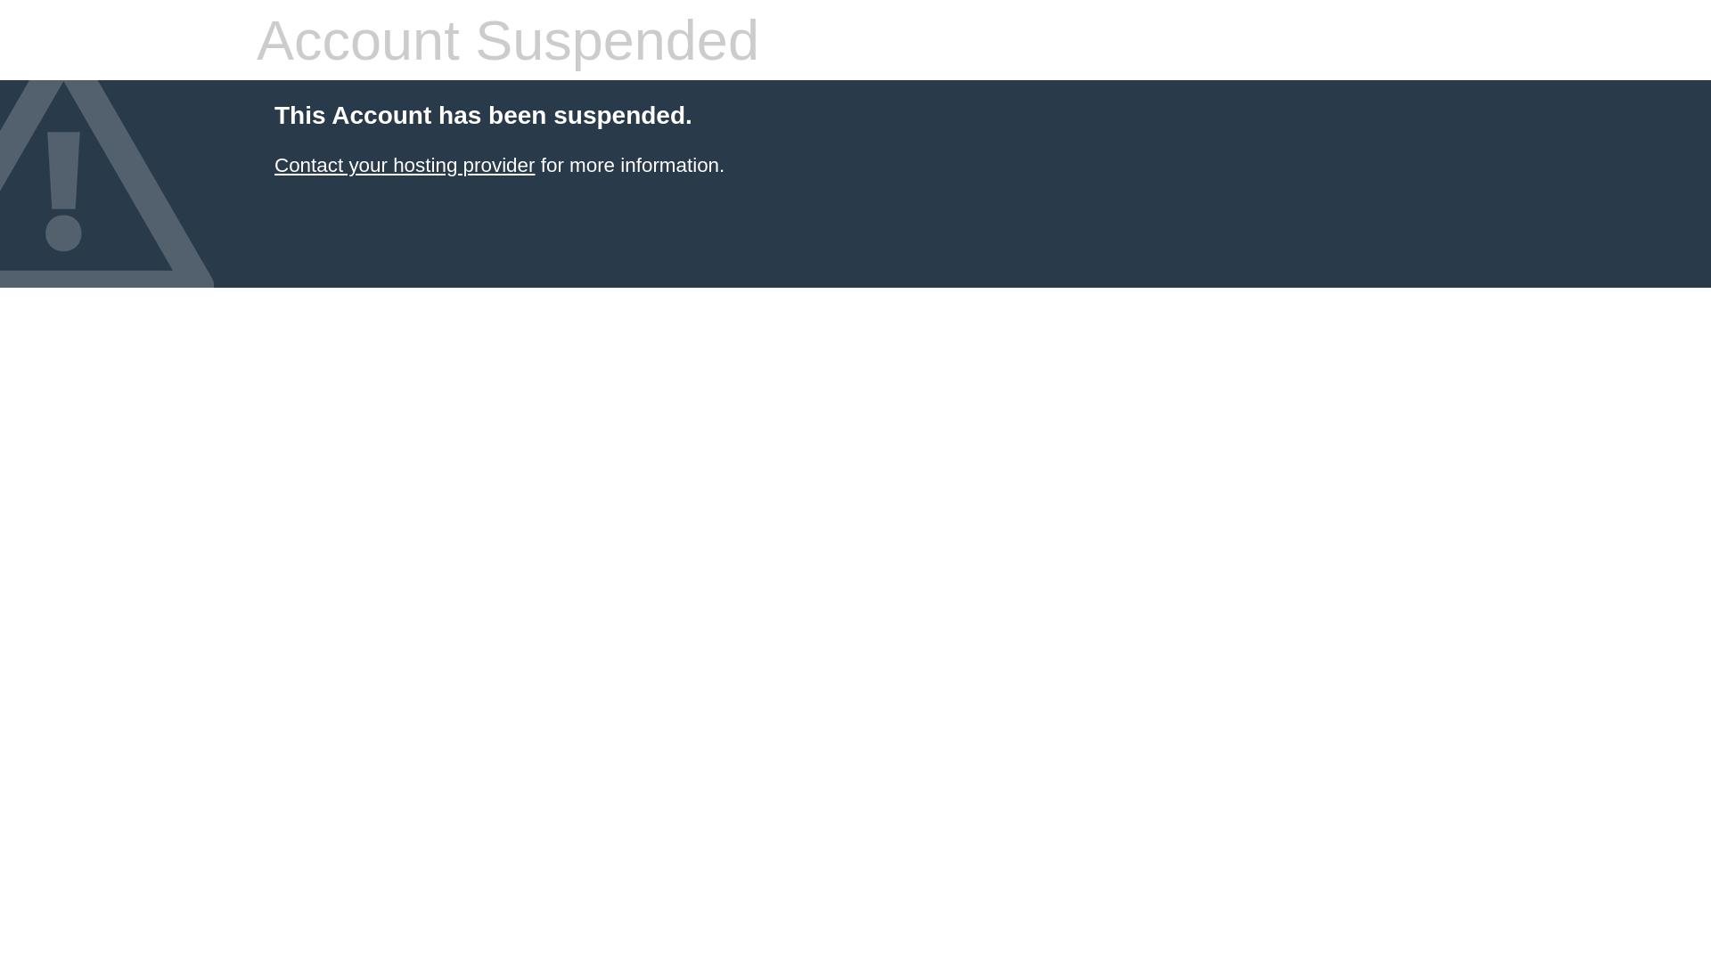 The image size is (1711, 962). Describe the element at coordinates (404, 165) in the screenshot. I see `'Contact your hosting provider'` at that location.